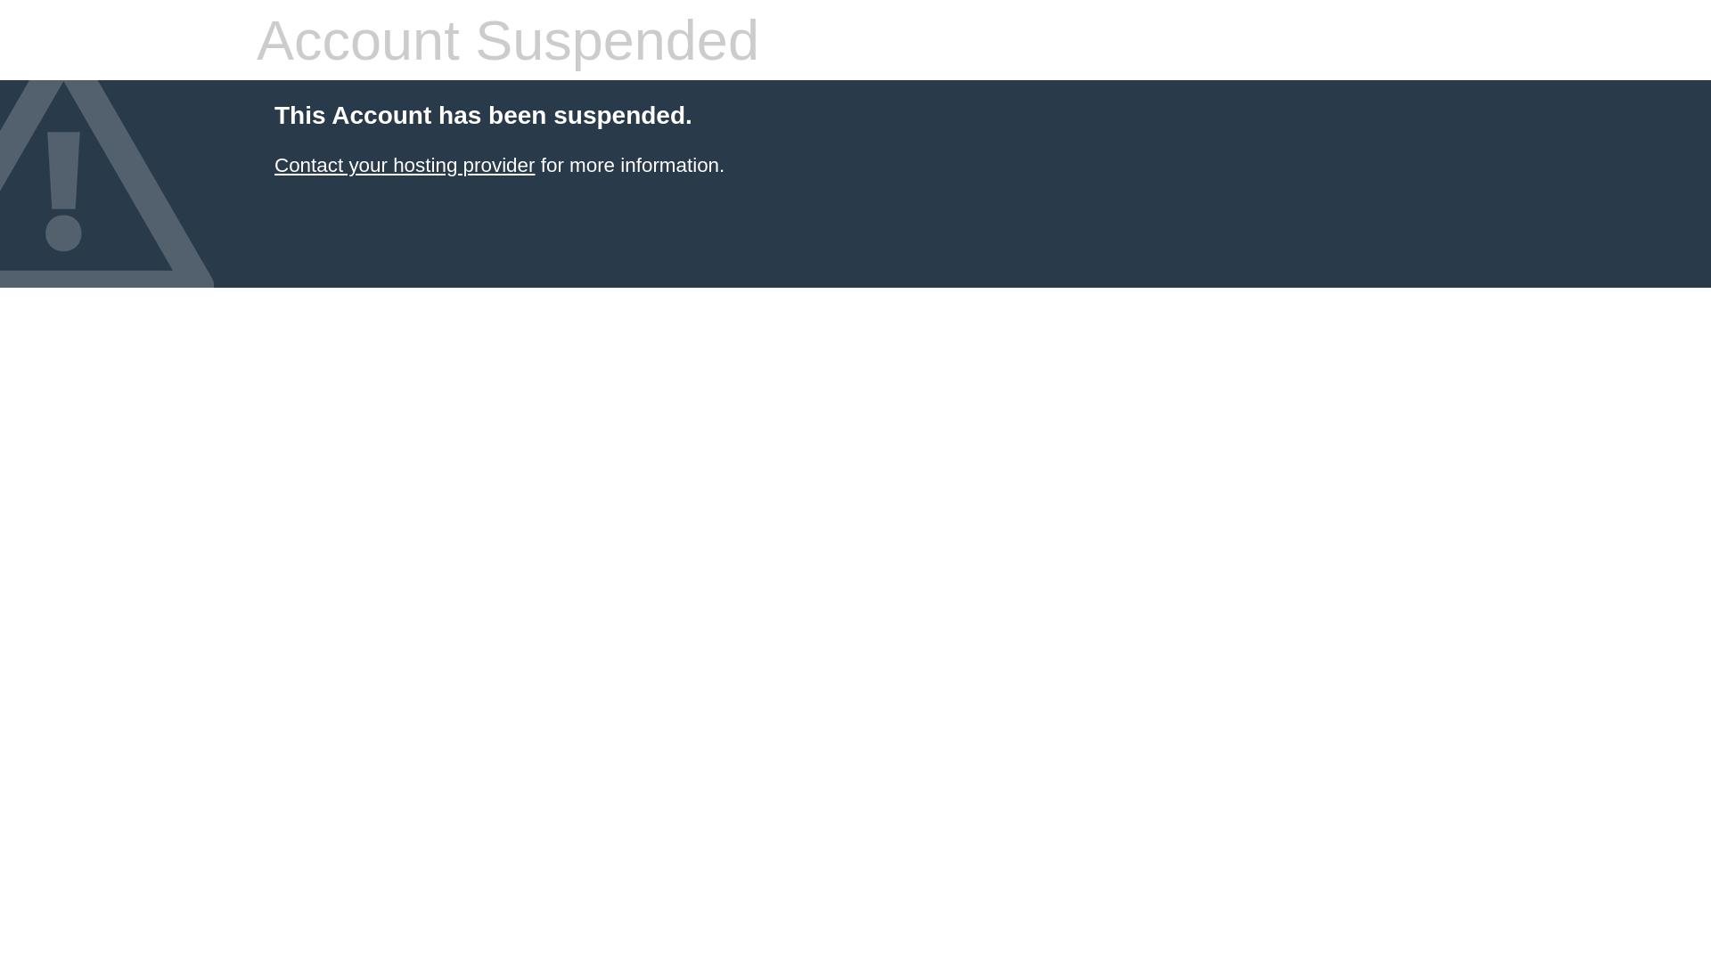 The image size is (1711, 962). Describe the element at coordinates (404, 165) in the screenshot. I see `'Contact your hosting provider'` at that location.